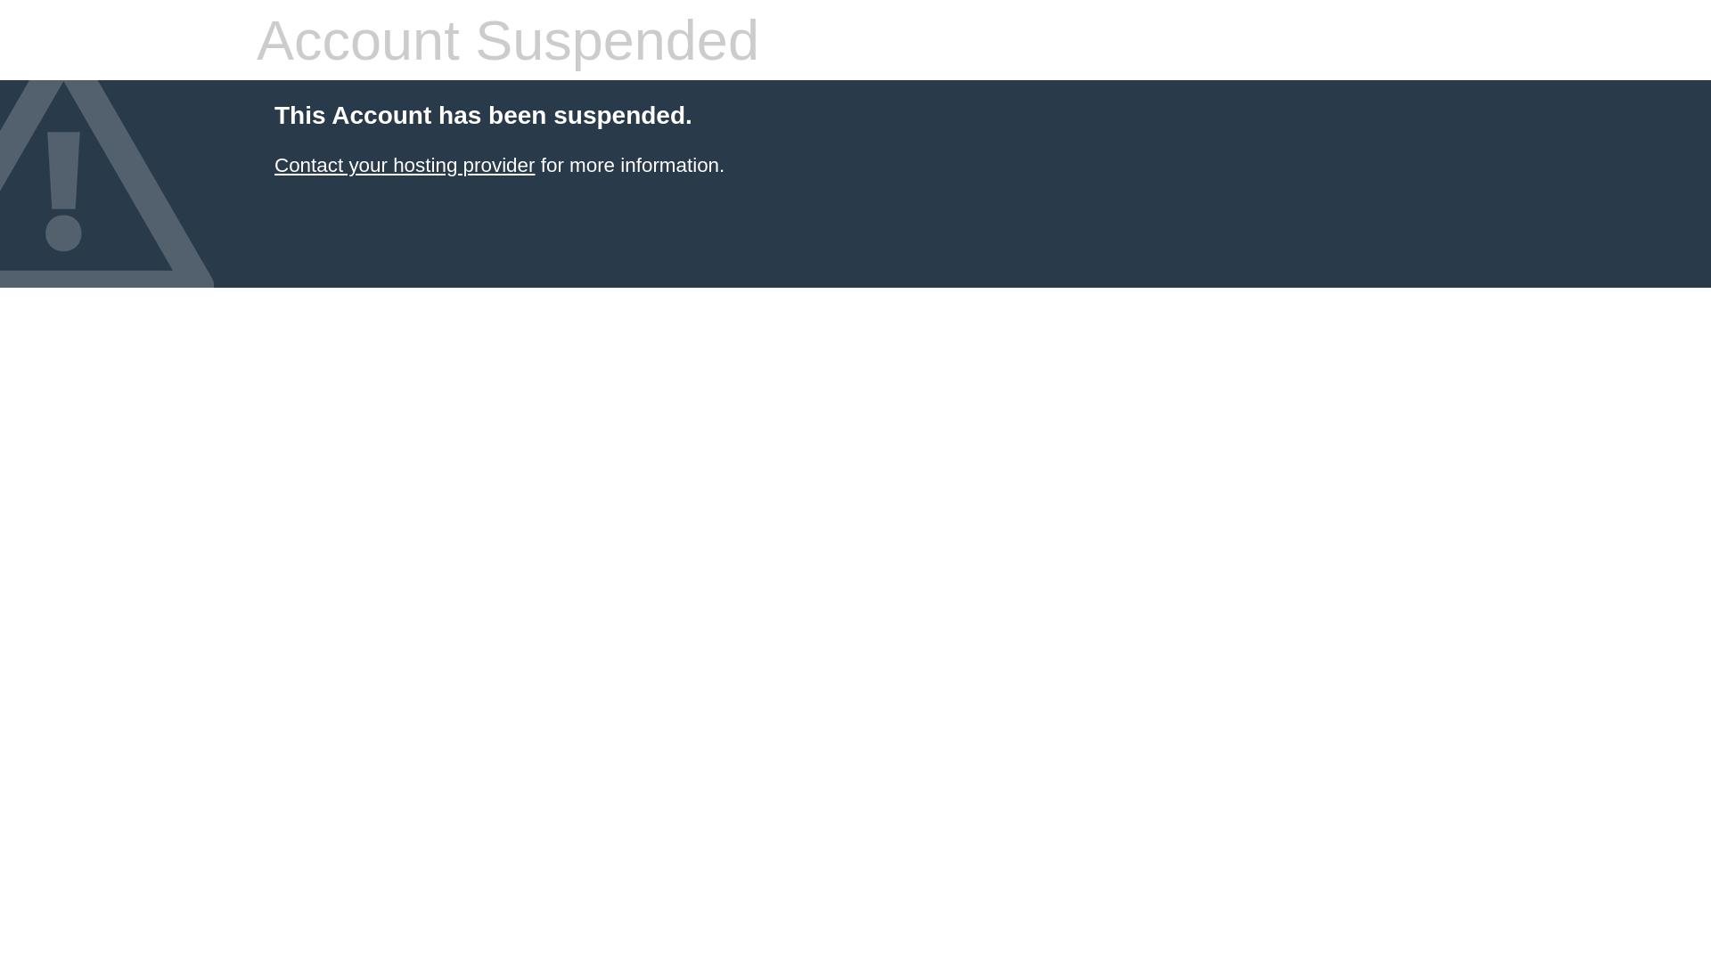 The image size is (1711, 962). Describe the element at coordinates (404, 165) in the screenshot. I see `'Contact your hosting provider'` at that location.